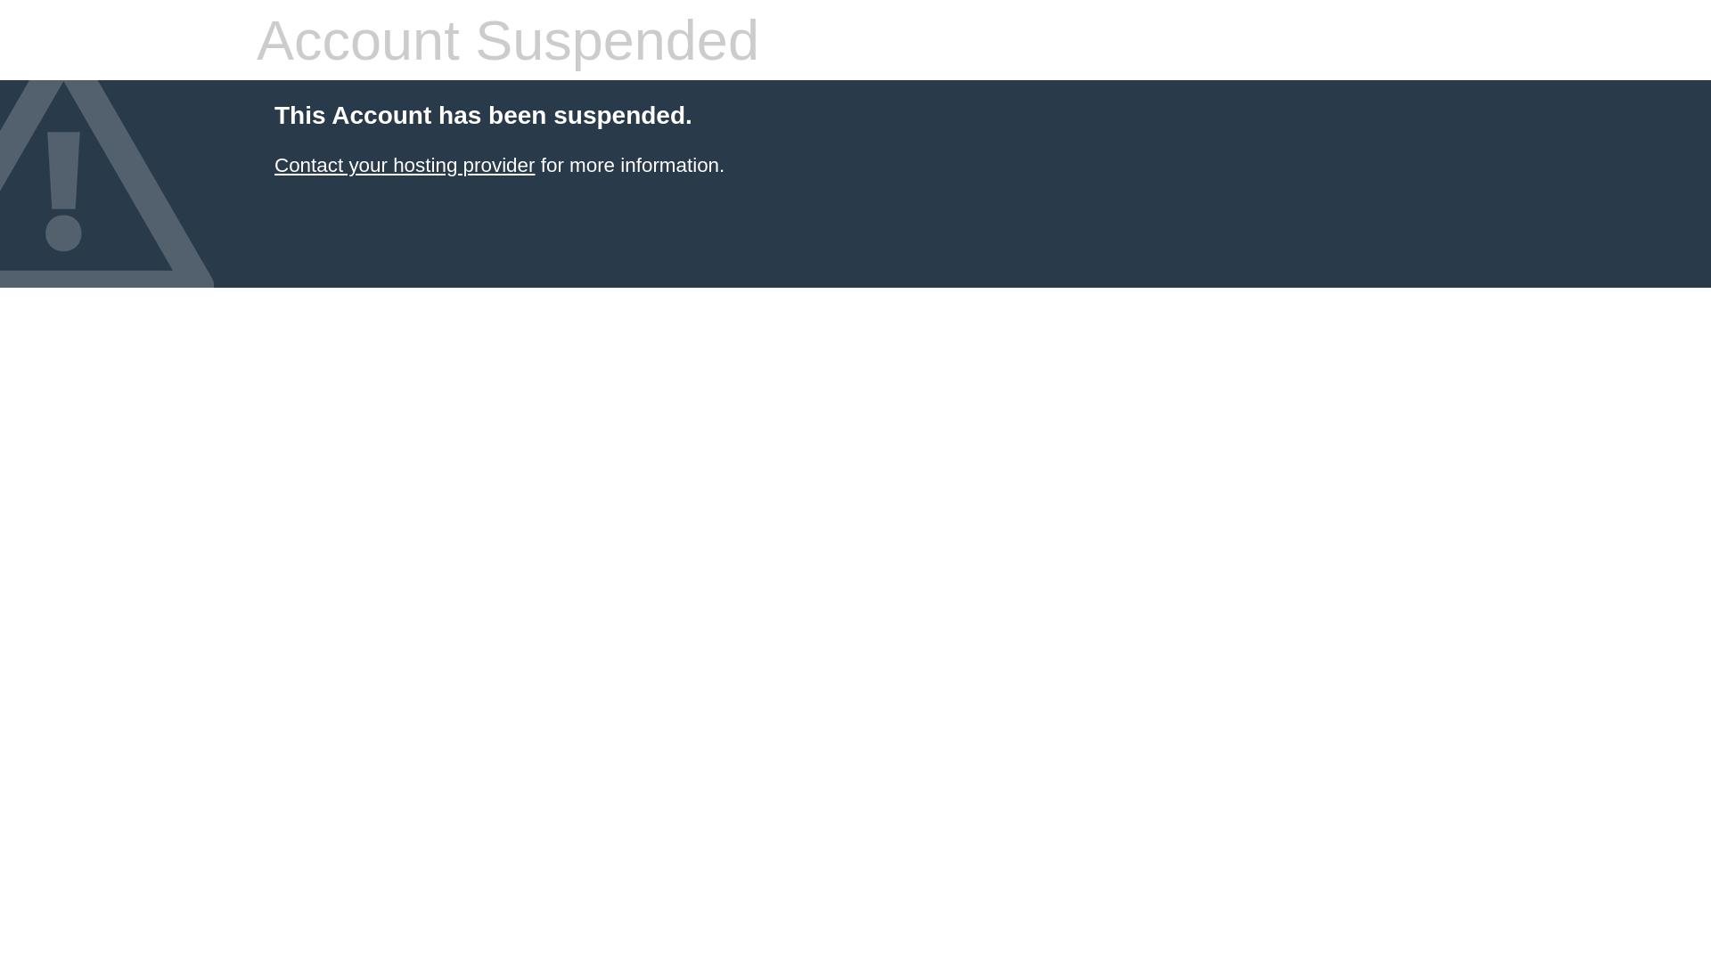 The image size is (1711, 962). Describe the element at coordinates (404, 165) in the screenshot. I see `'Contact your hosting provider'` at that location.